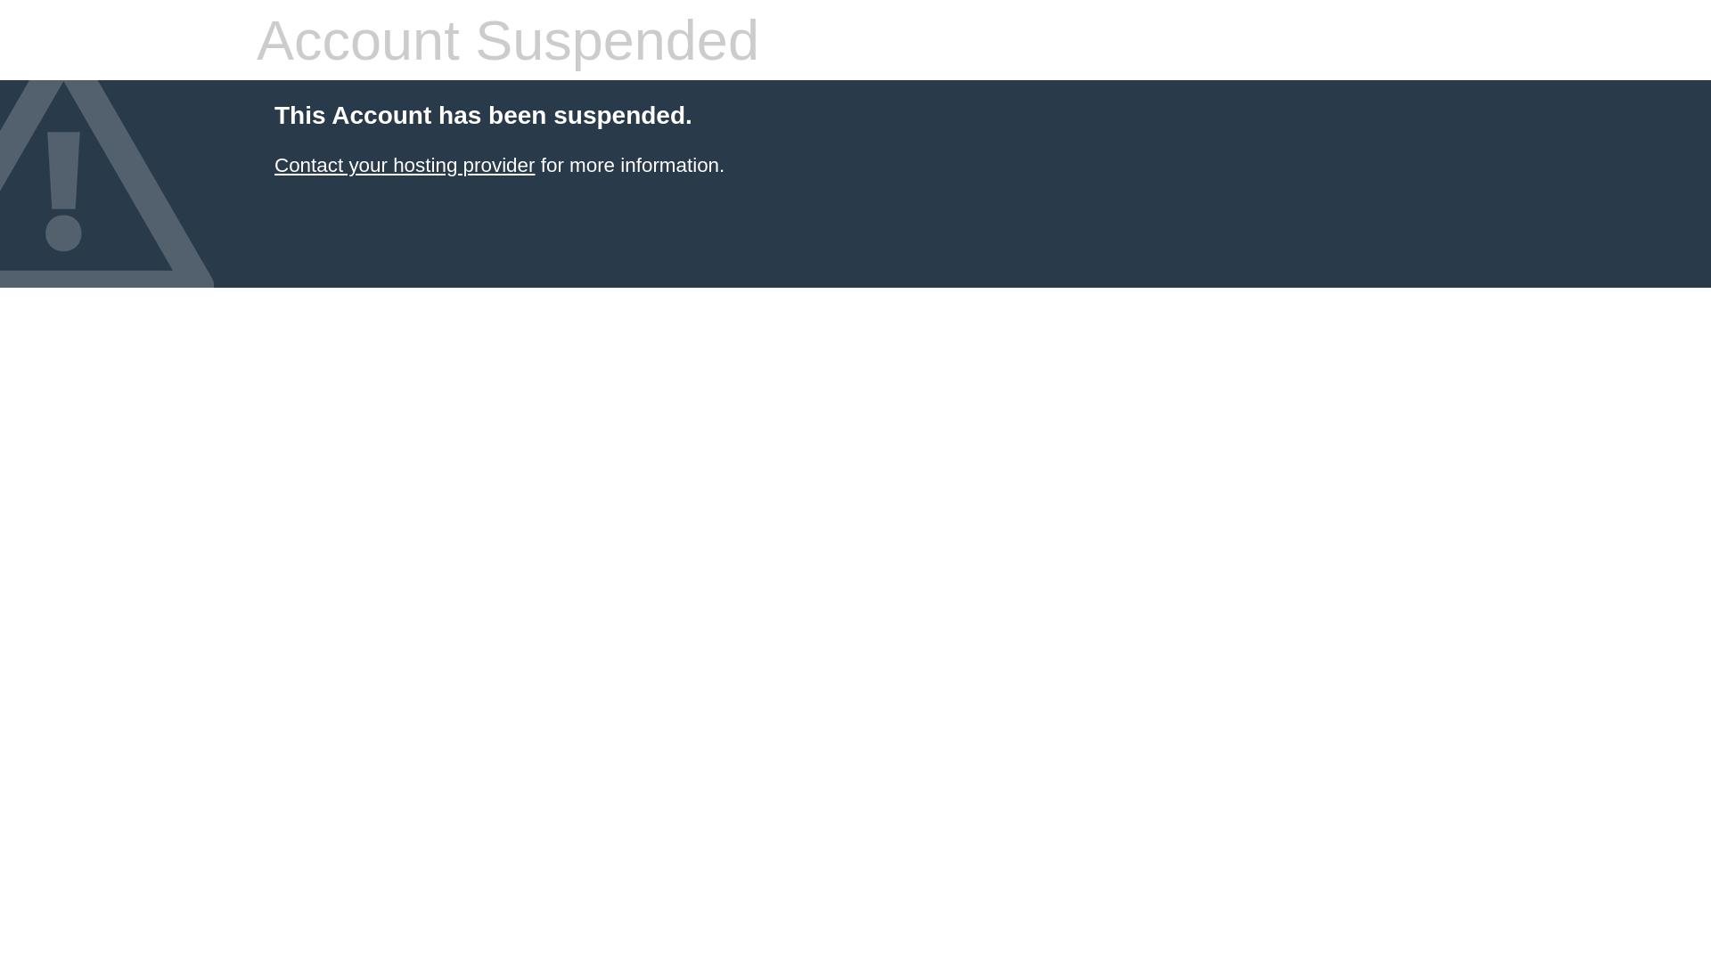 The image size is (1711, 962). Describe the element at coordinates (404, 165) in the screenshot. I see `'Contact your hosting provider'` at that location.